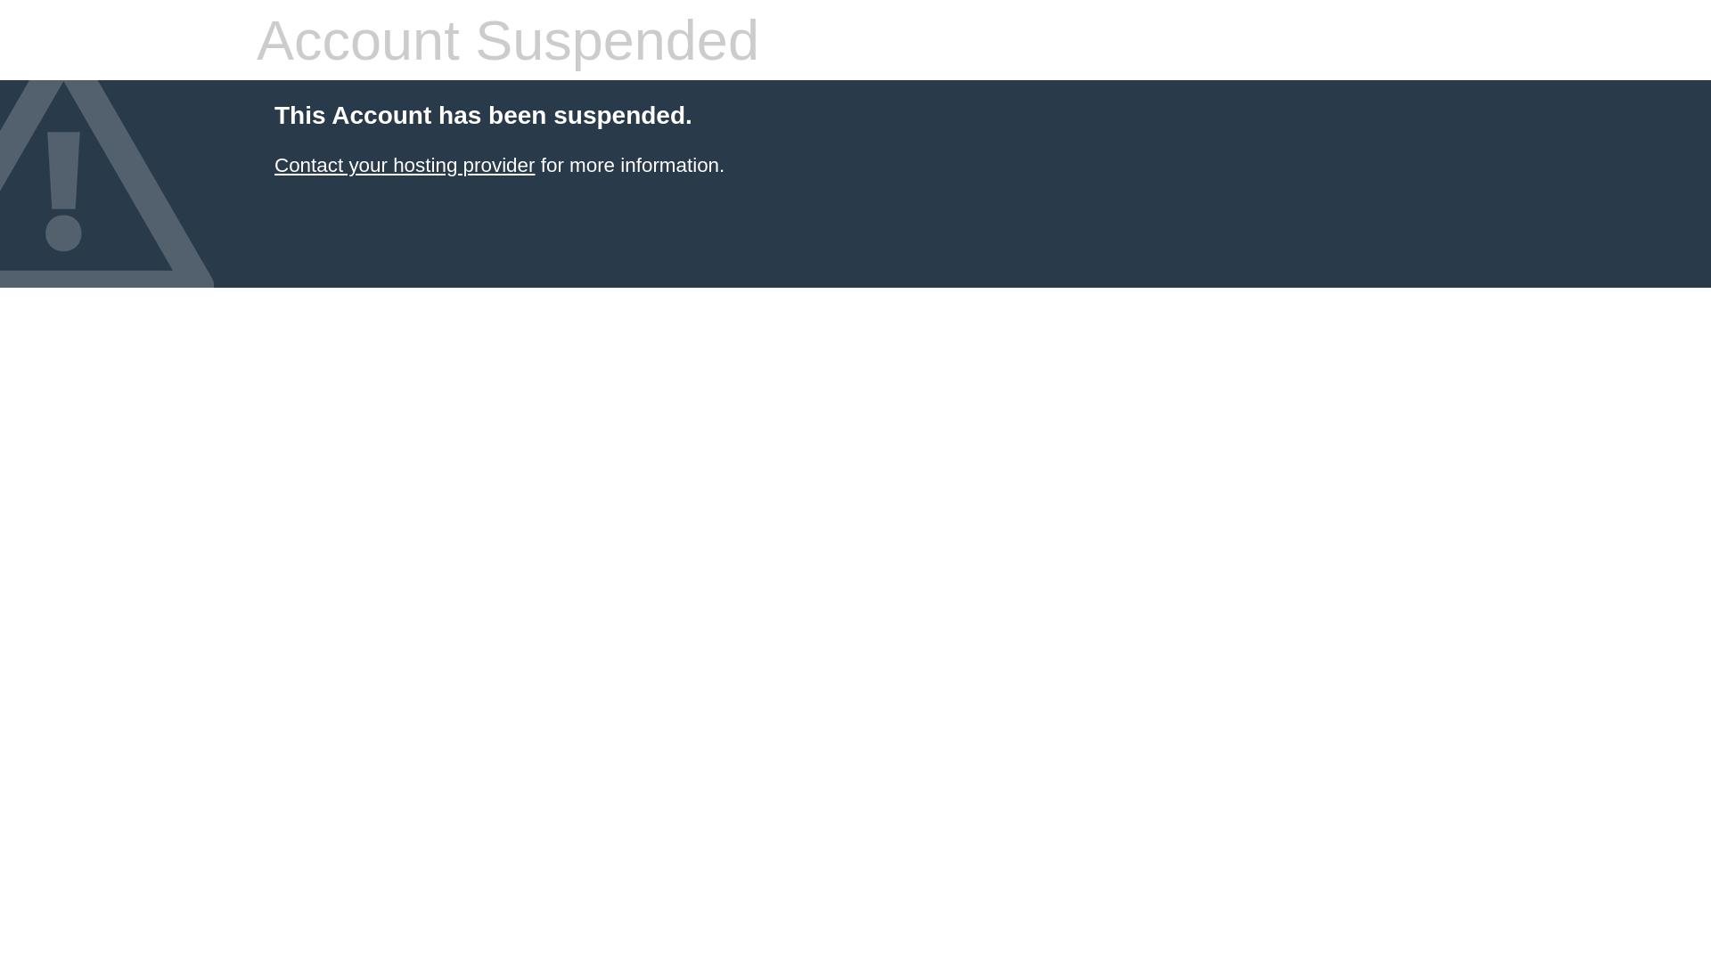 The image size is (1711, 962). Describe the element at coordinates (404, 165) in the screenshot. I see `'Contact your hosting provider'` at that location.